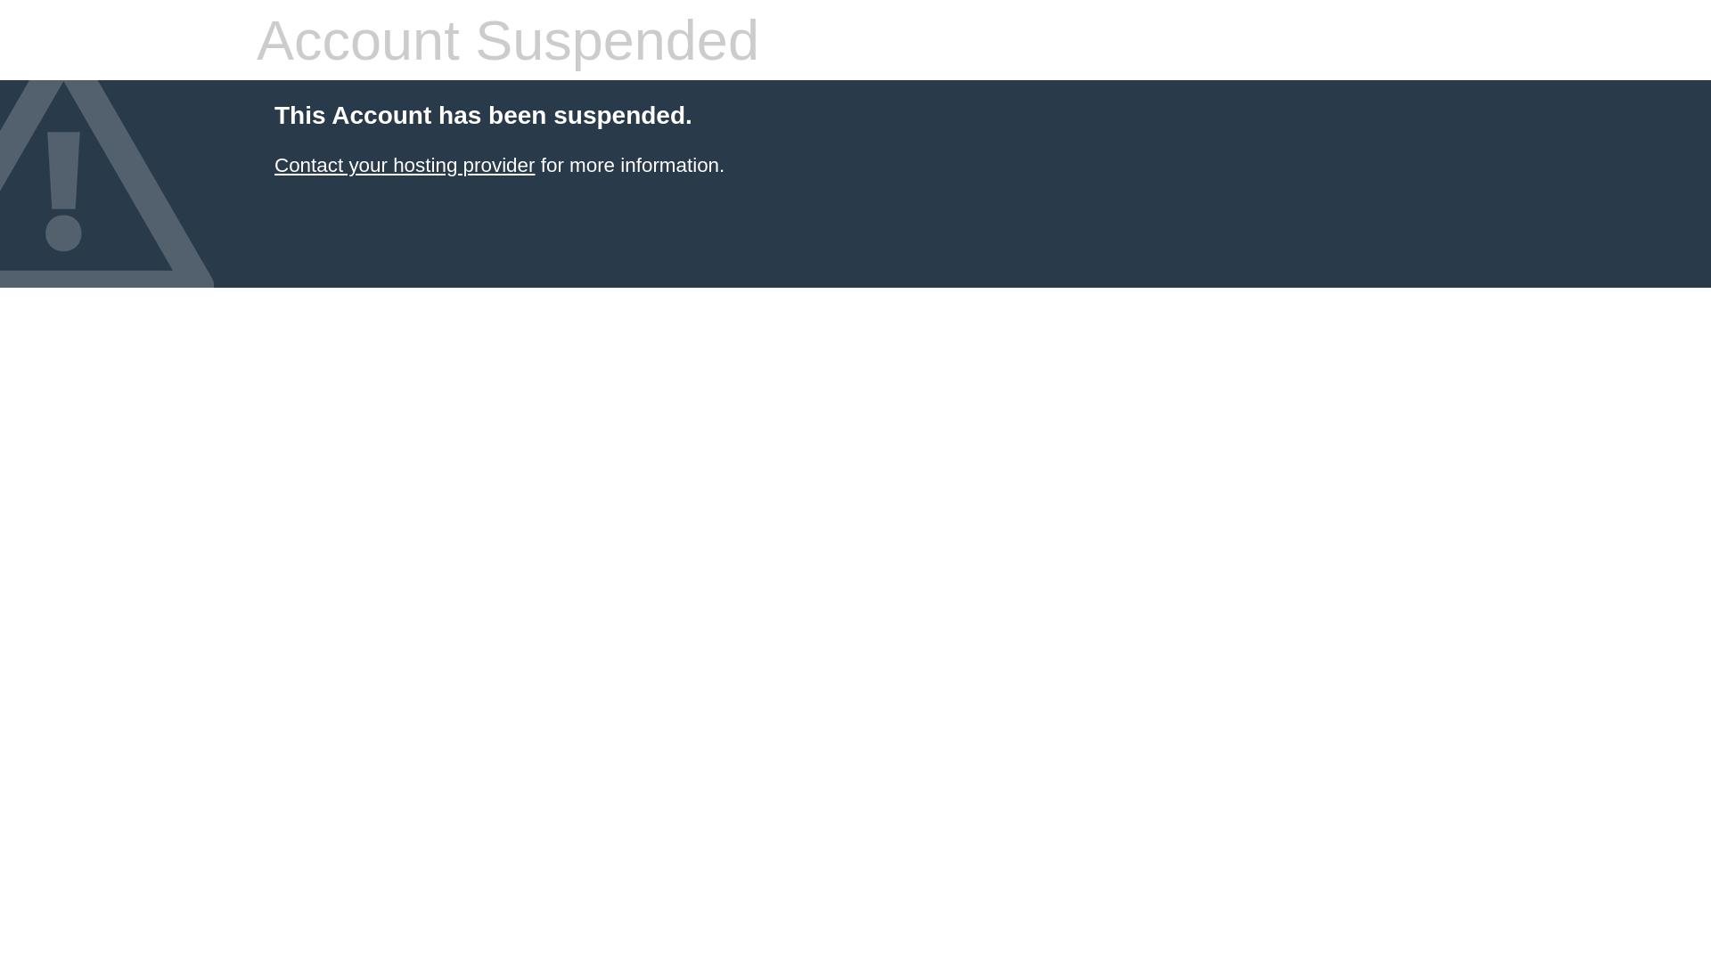 The image size is (1711, 962). Describe the element at coordinates (404, 165) in the screenshot. I see `'Contact your hosting provider'` at that location.